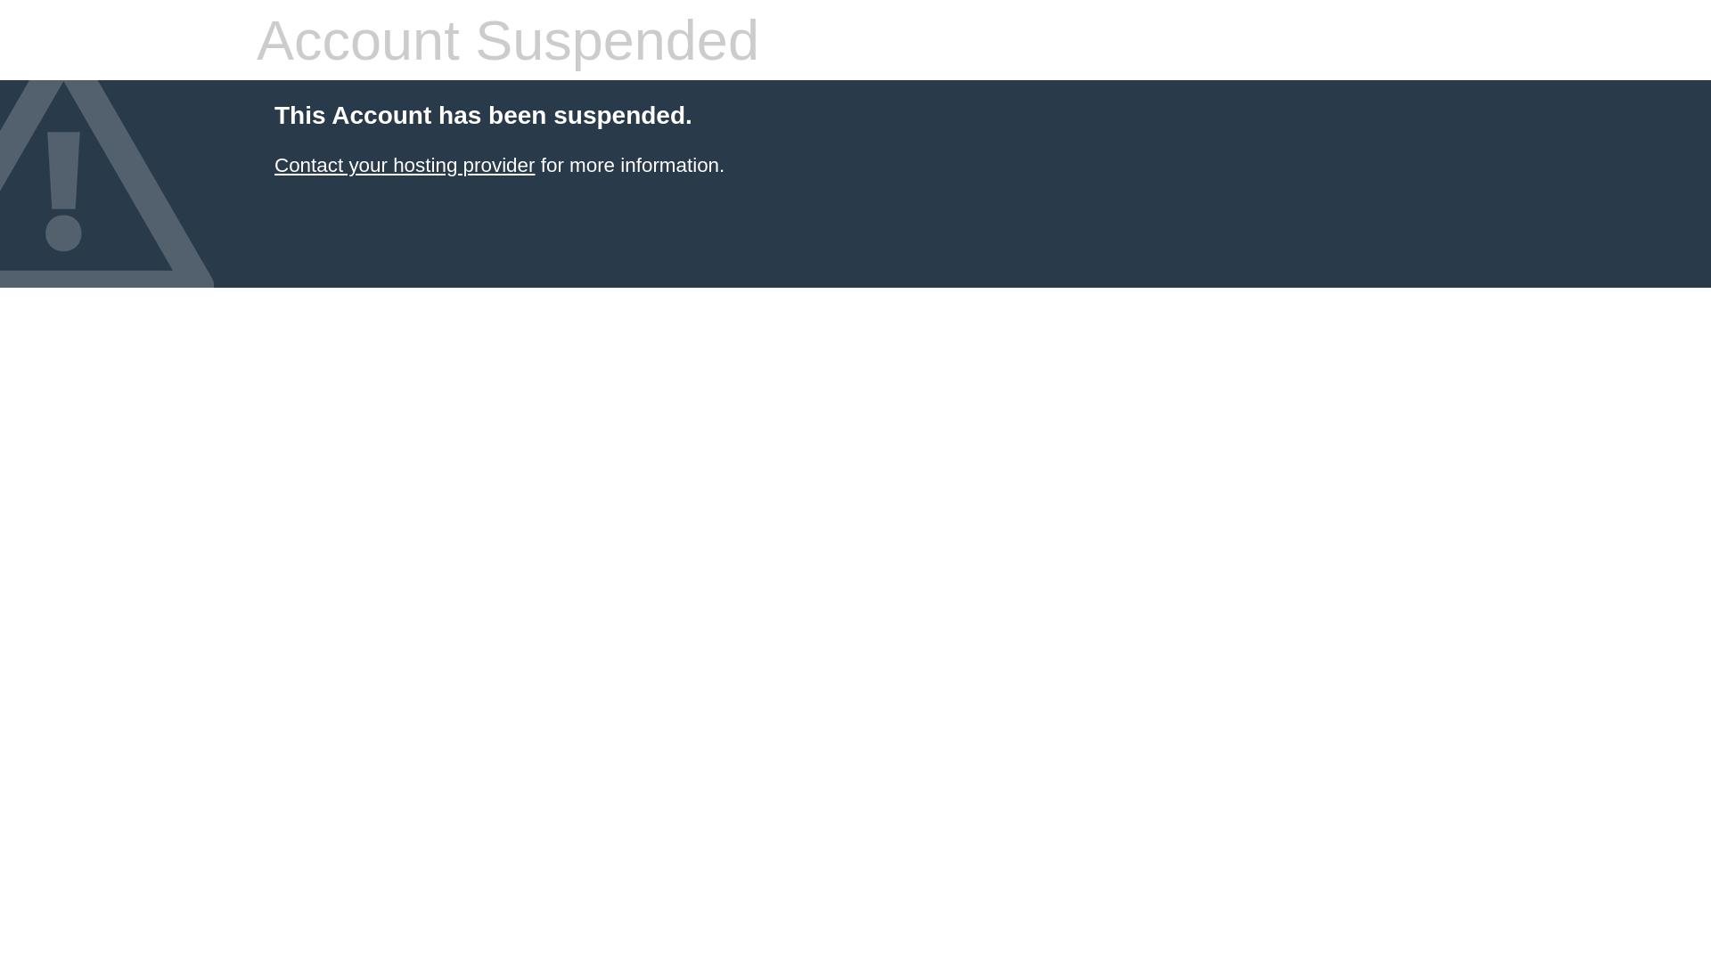 The image size is (1711, 962). Describe the element at coordinates (404, 165) in the screenshot. I see `'Contact your hosting provider'` at that location.